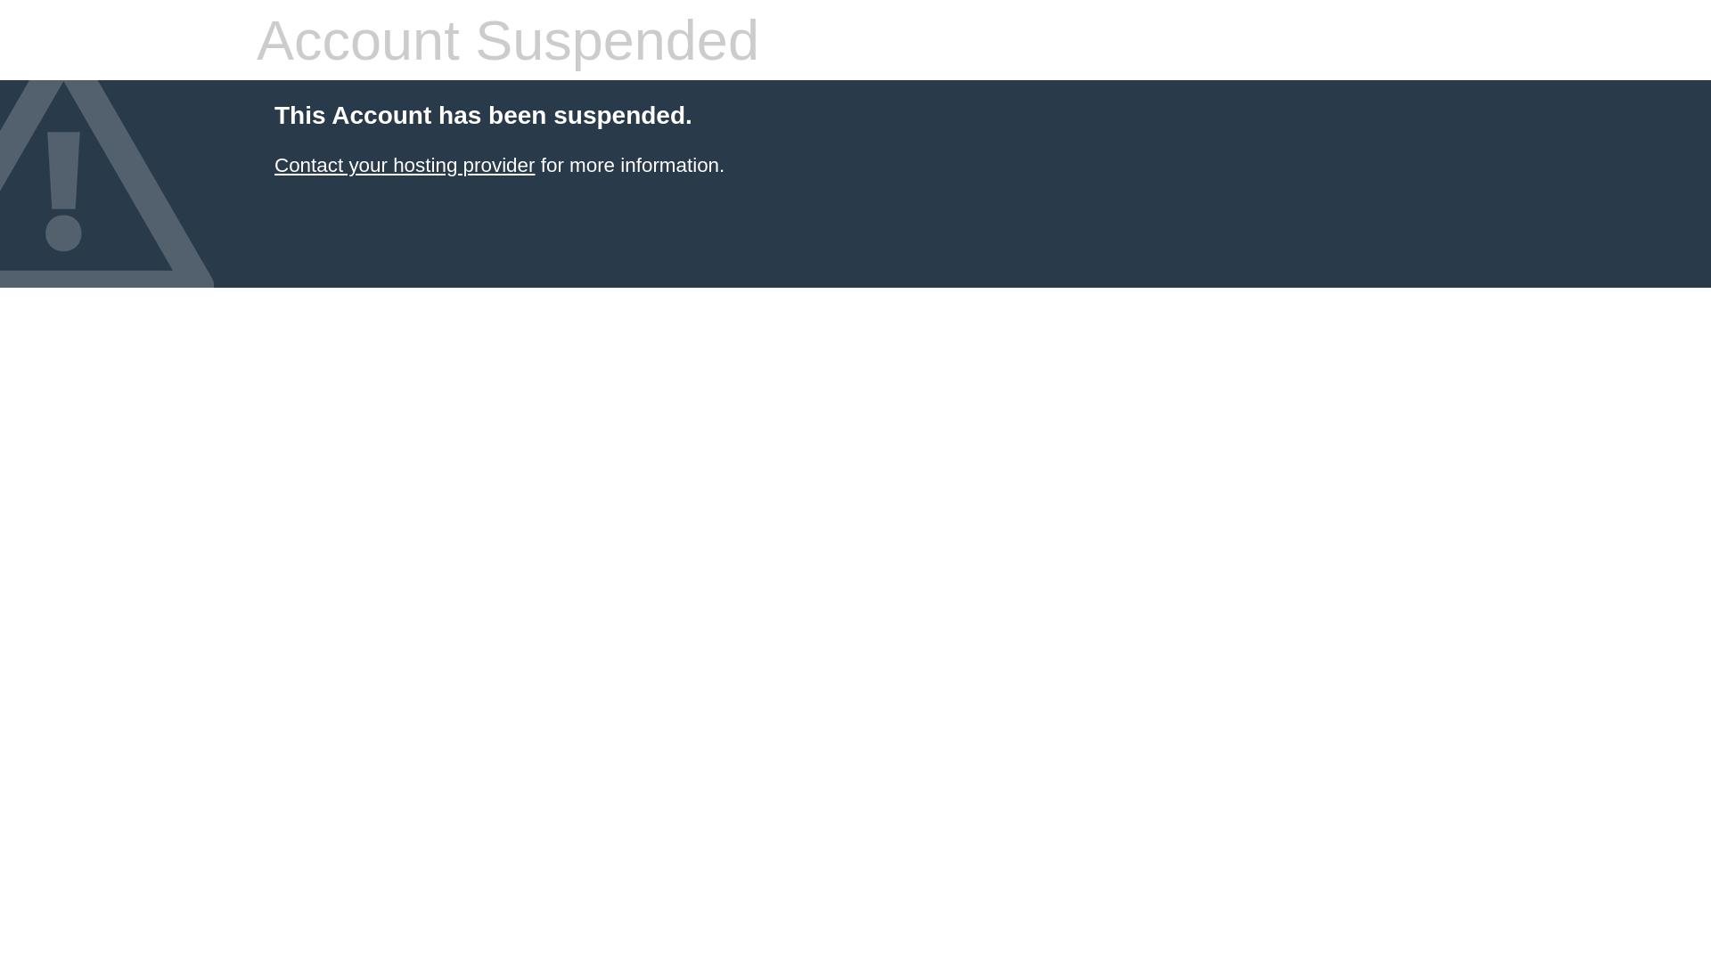 The image size is (1711, 962). Describe the element at coordinates (404, 165) in the screenshot. I see `'Contact your hosting provider'` at that location.